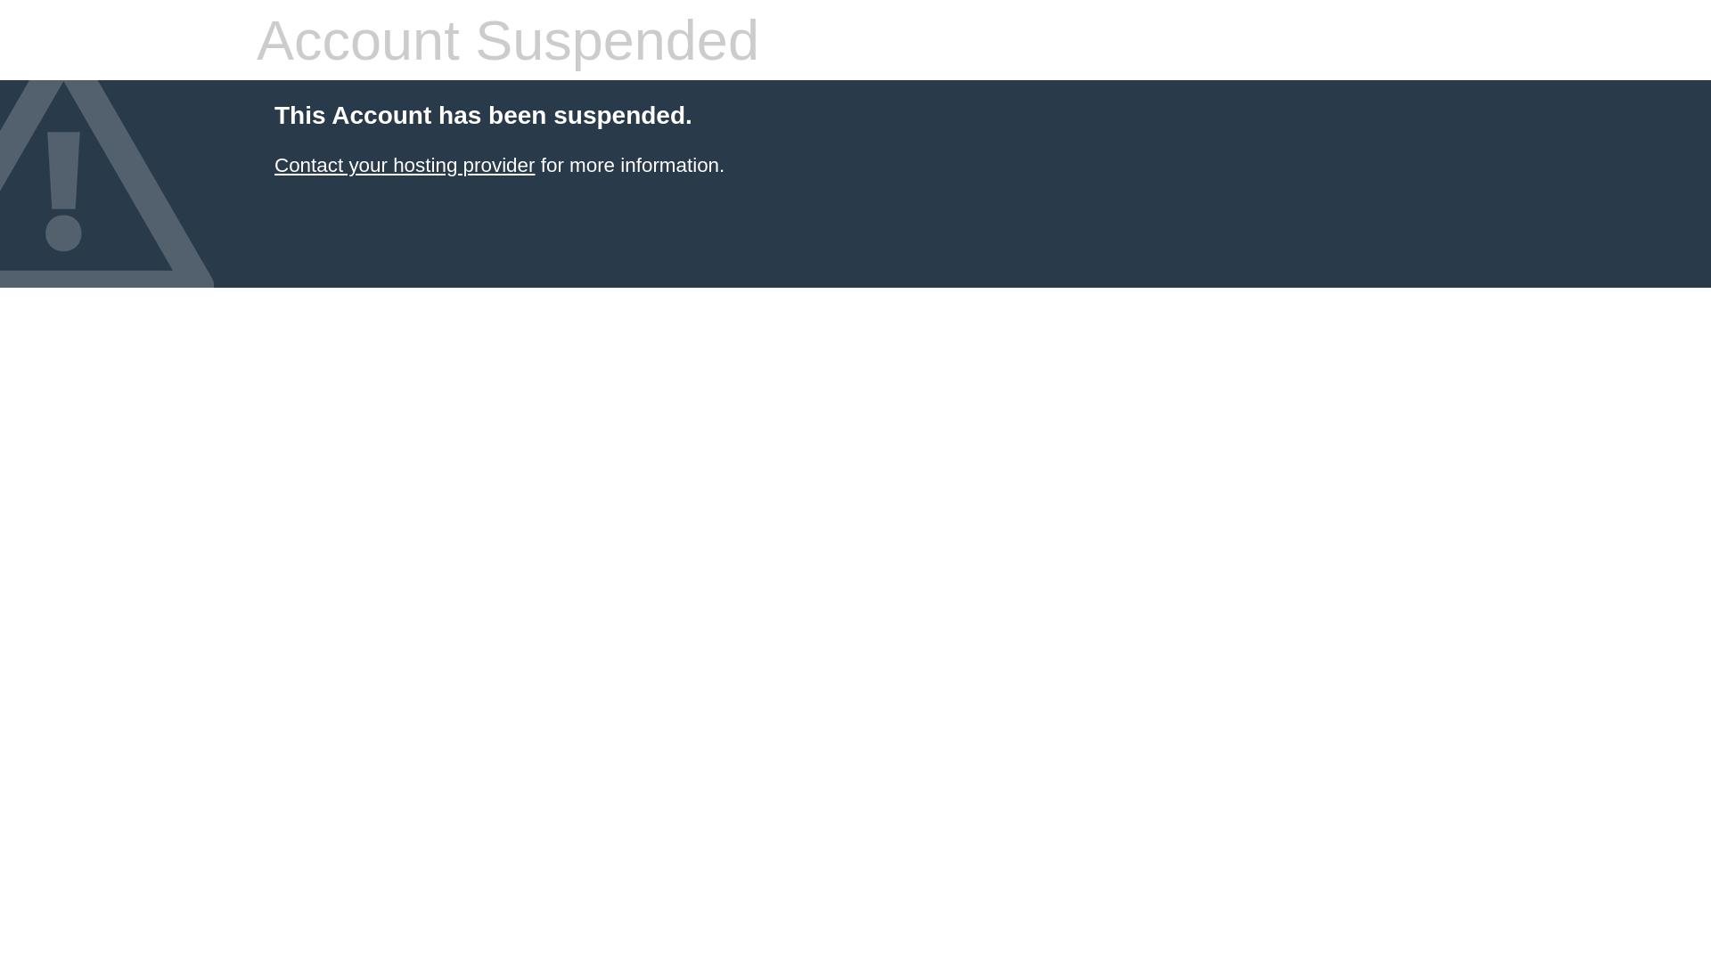 The image size is (1711, 962). Describe the element at coordinates (404, 165) in the screenshot. I see `'Contact your hosting provider'` at that location.